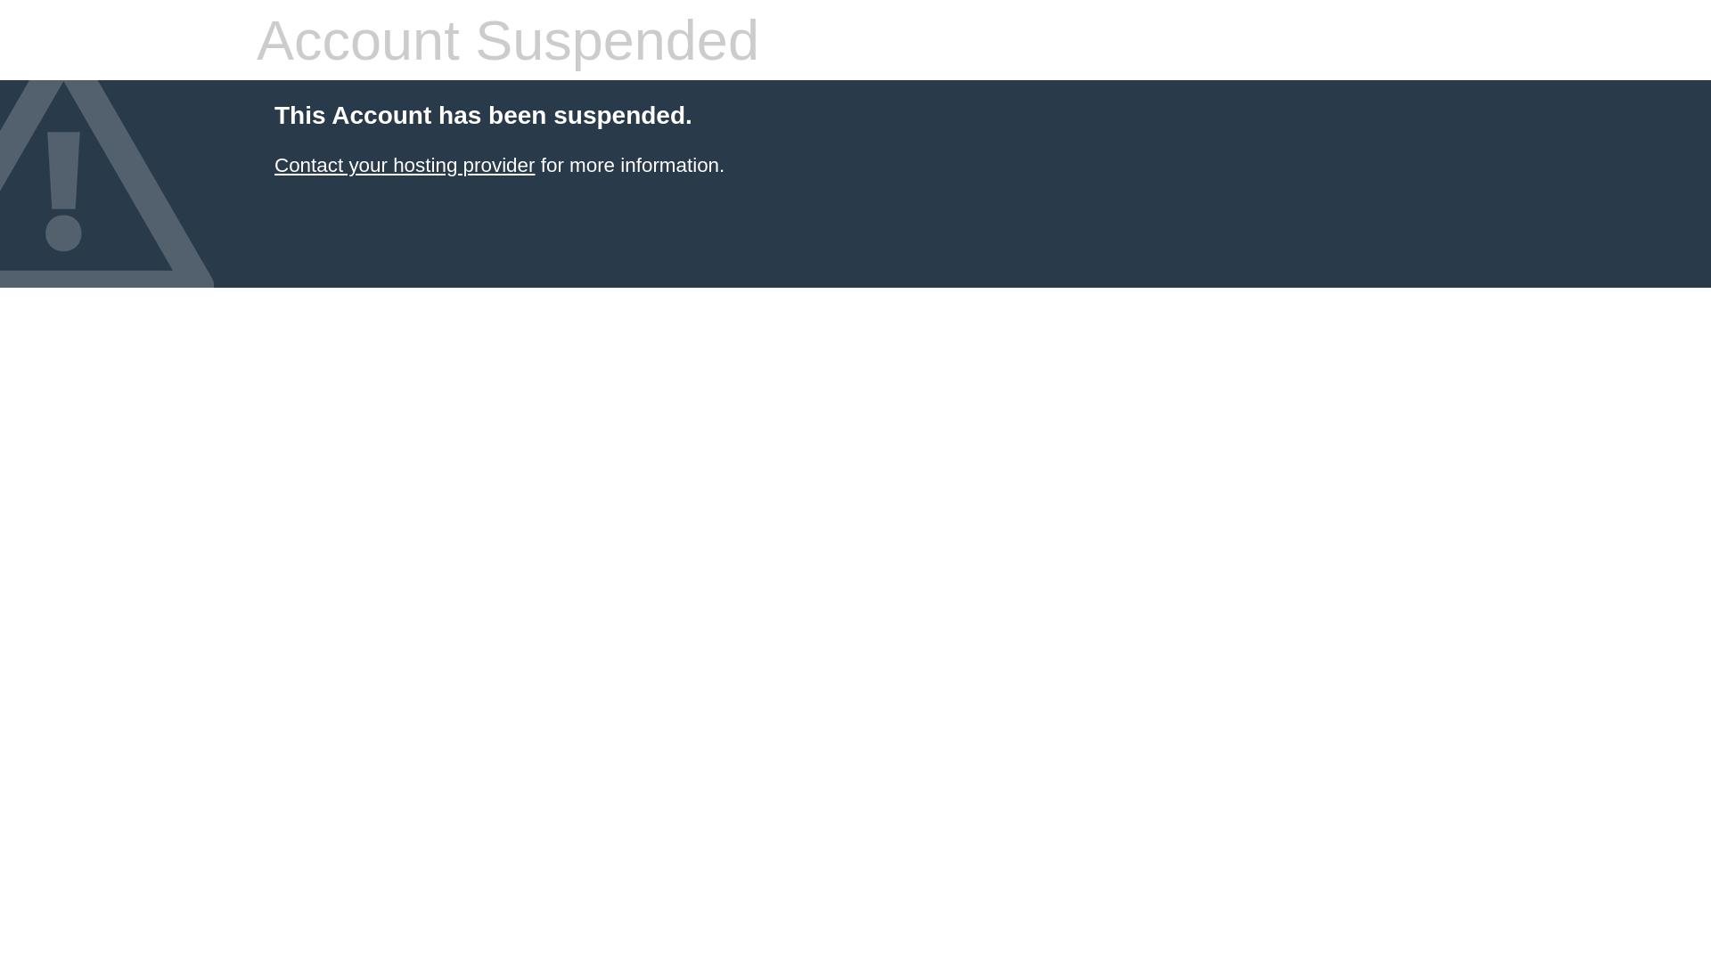 The image size is (1711, 962). Describe the element at coordinates (404, 165) in the screenshot. I see `'Contact your hosting provider'` at that location.